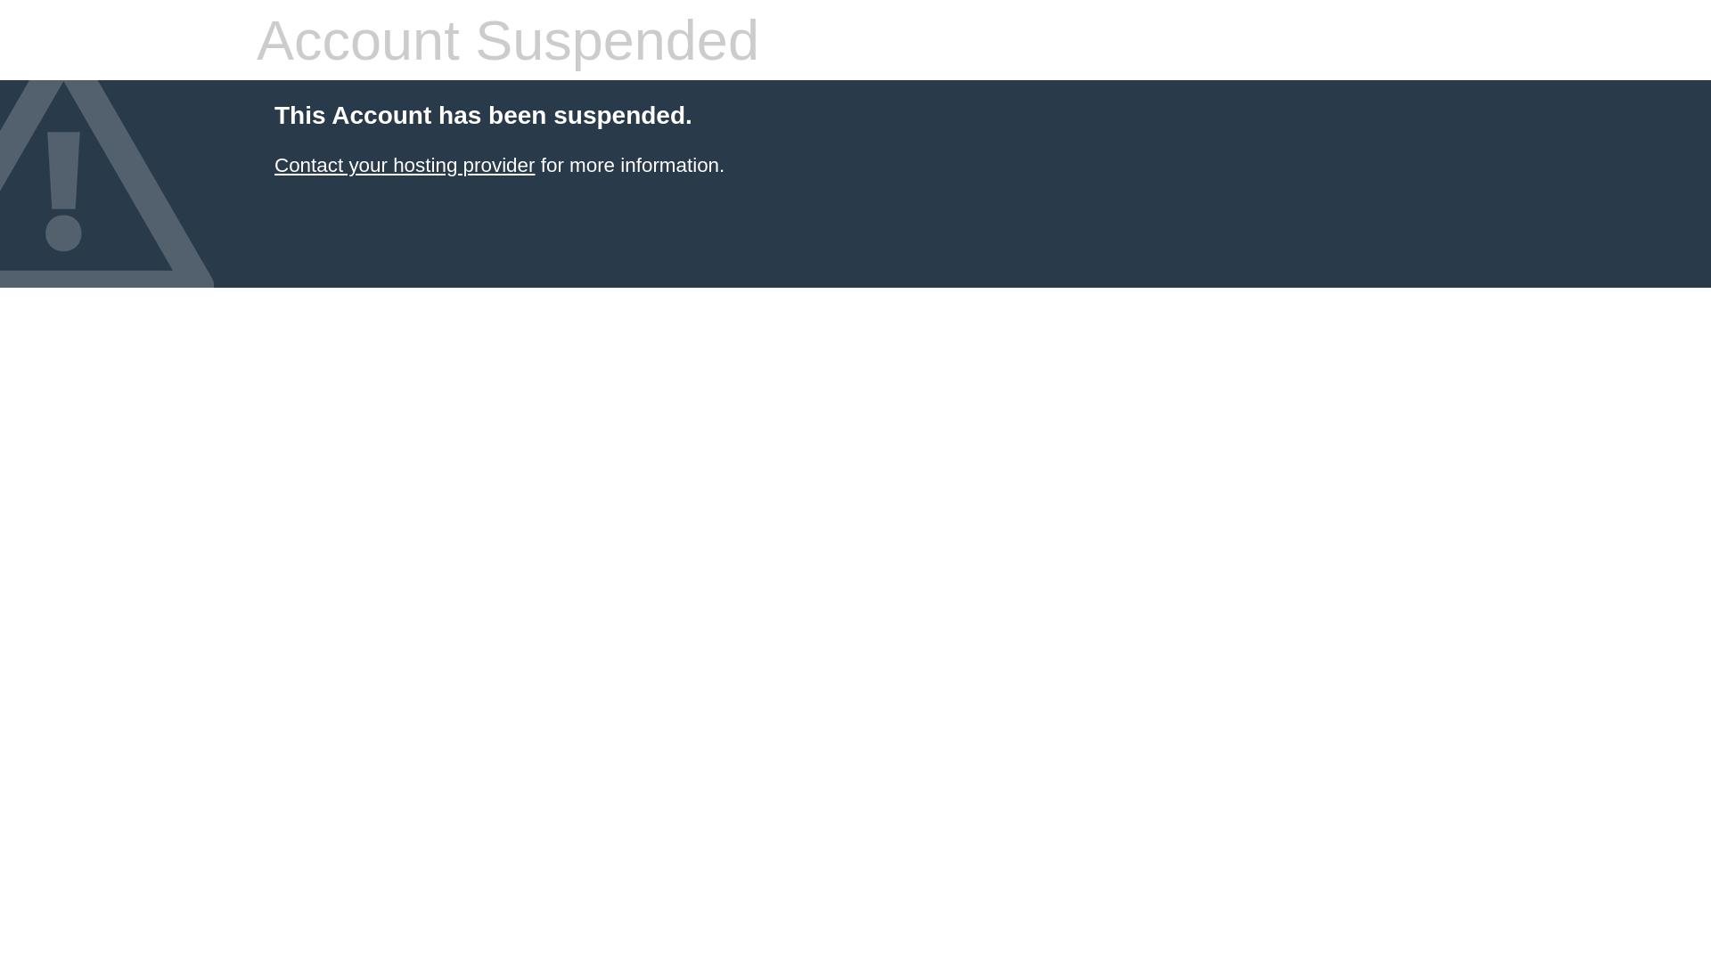 The image size is (1711, 962). Describe the element at coordinates (404, 165) in the screenshot. I see `'Contact your hosting provider'` at that location.